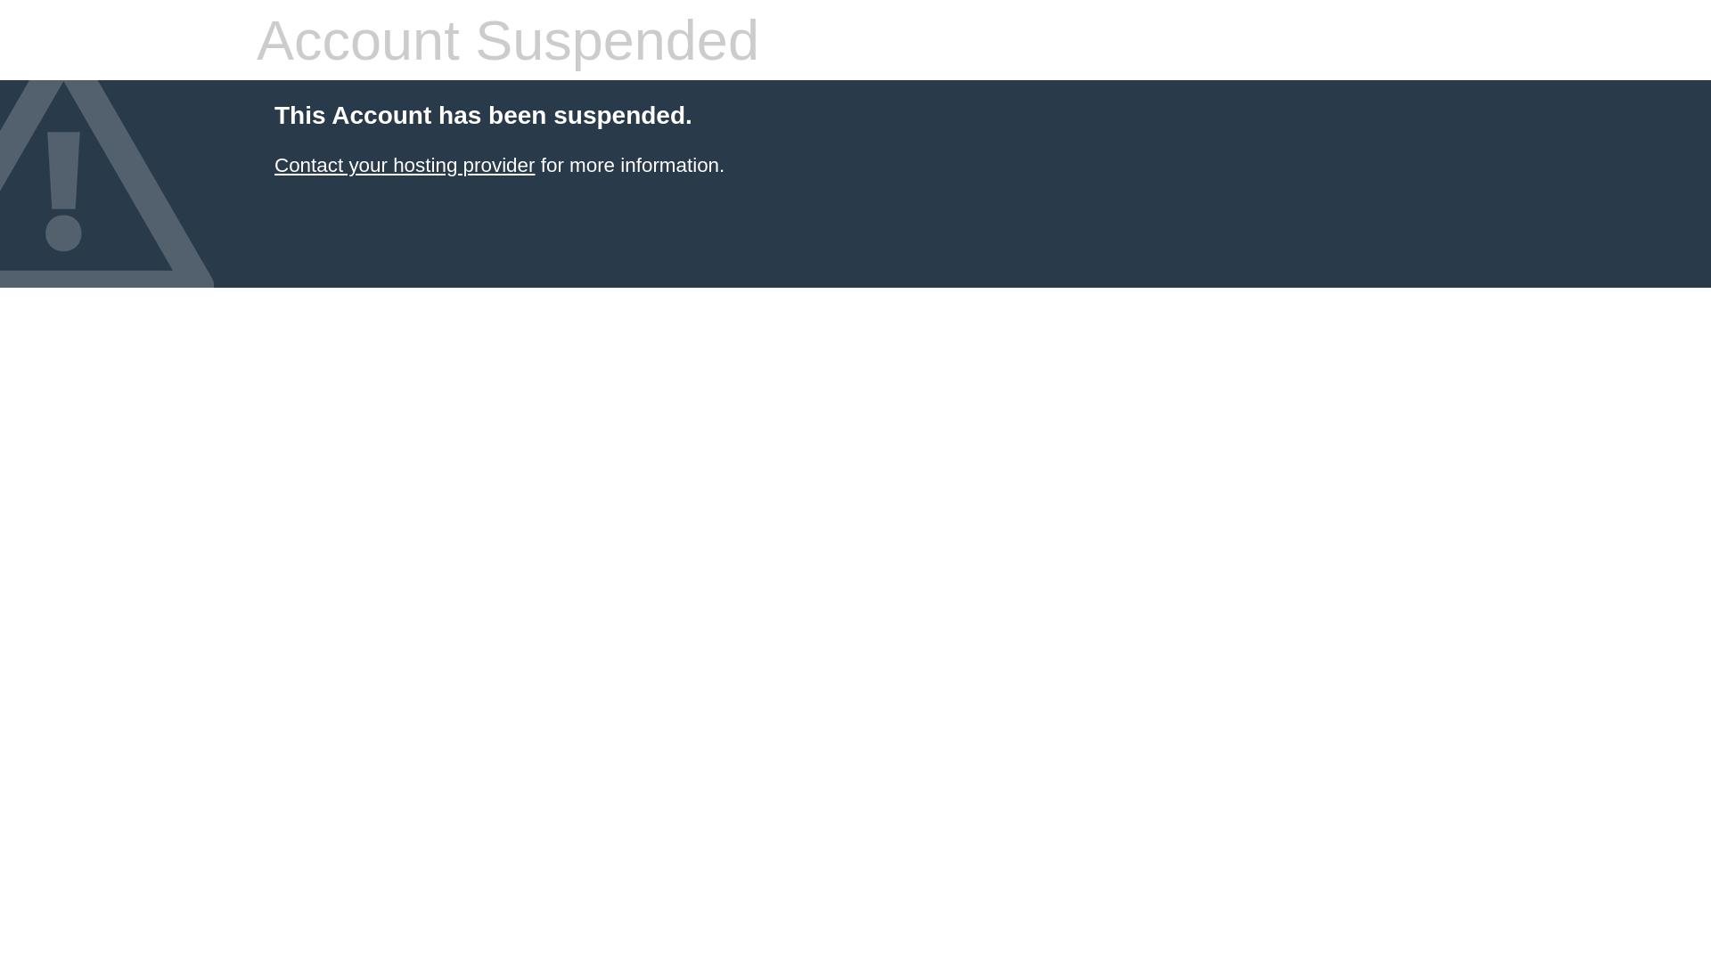 The image size is (1711, 962). Describe the element at coordinates (404, 165) in the screenshot. I see `'Contact your hosting provider'` at that location.